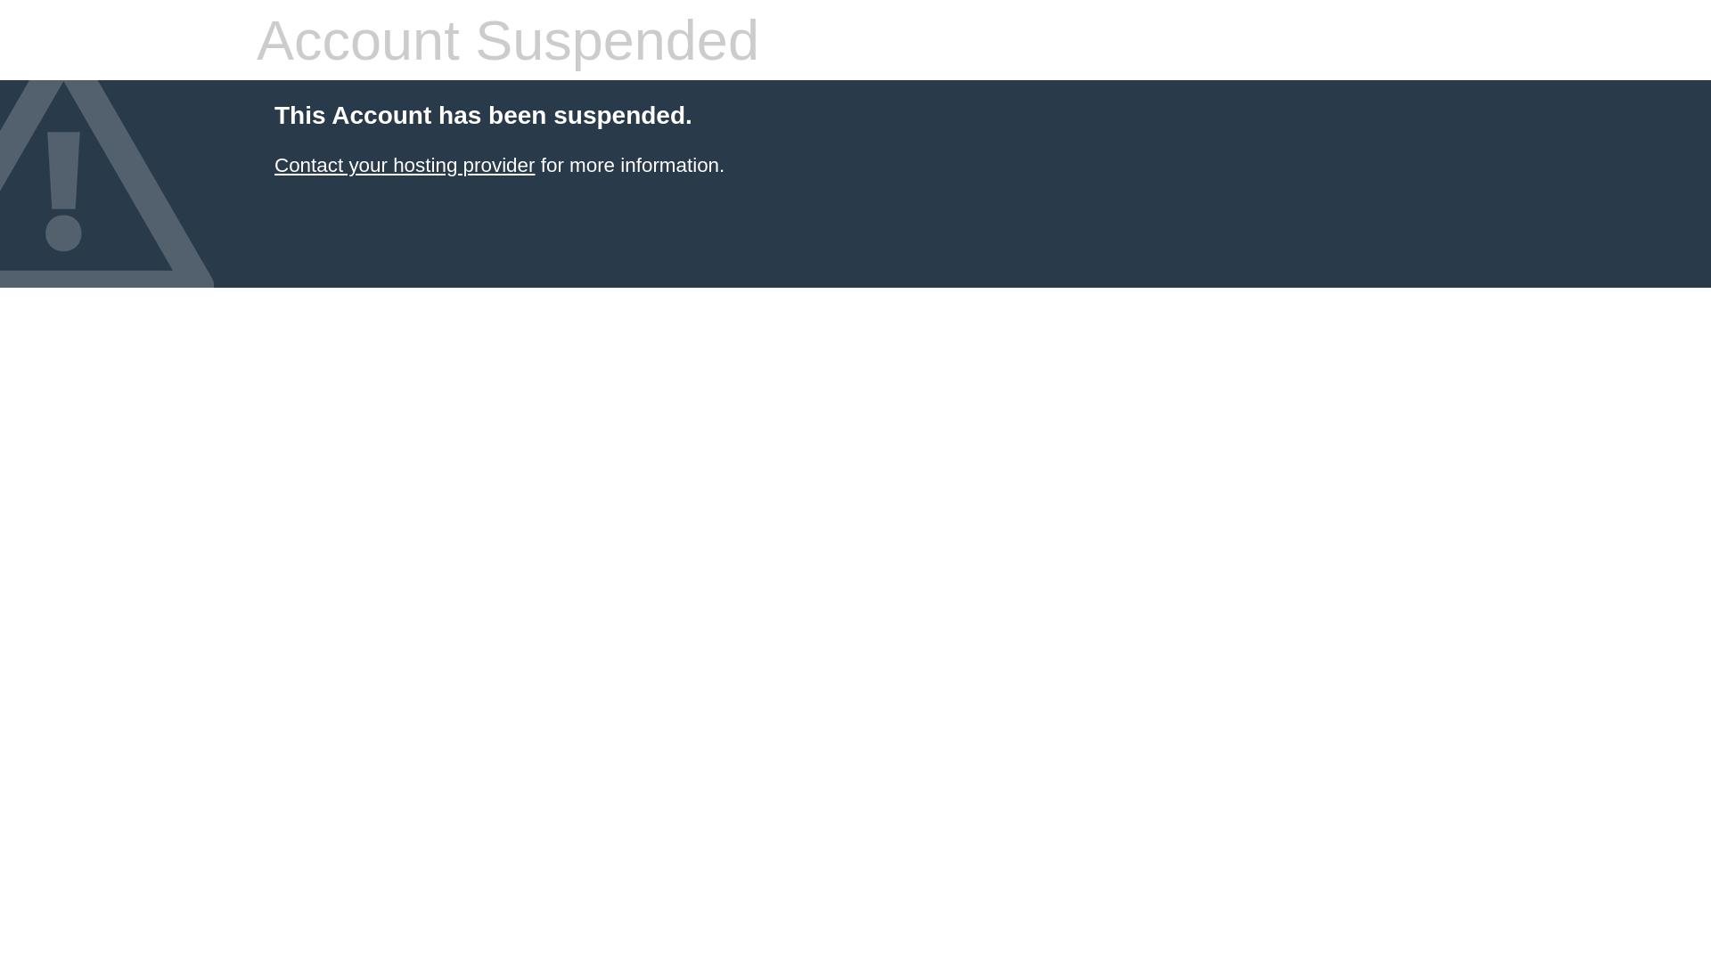 The image size is (1711, 962). Describe the element at coordinates (404, 165) in the screenshot. I see `'Contact your hosting provider'` at that location.